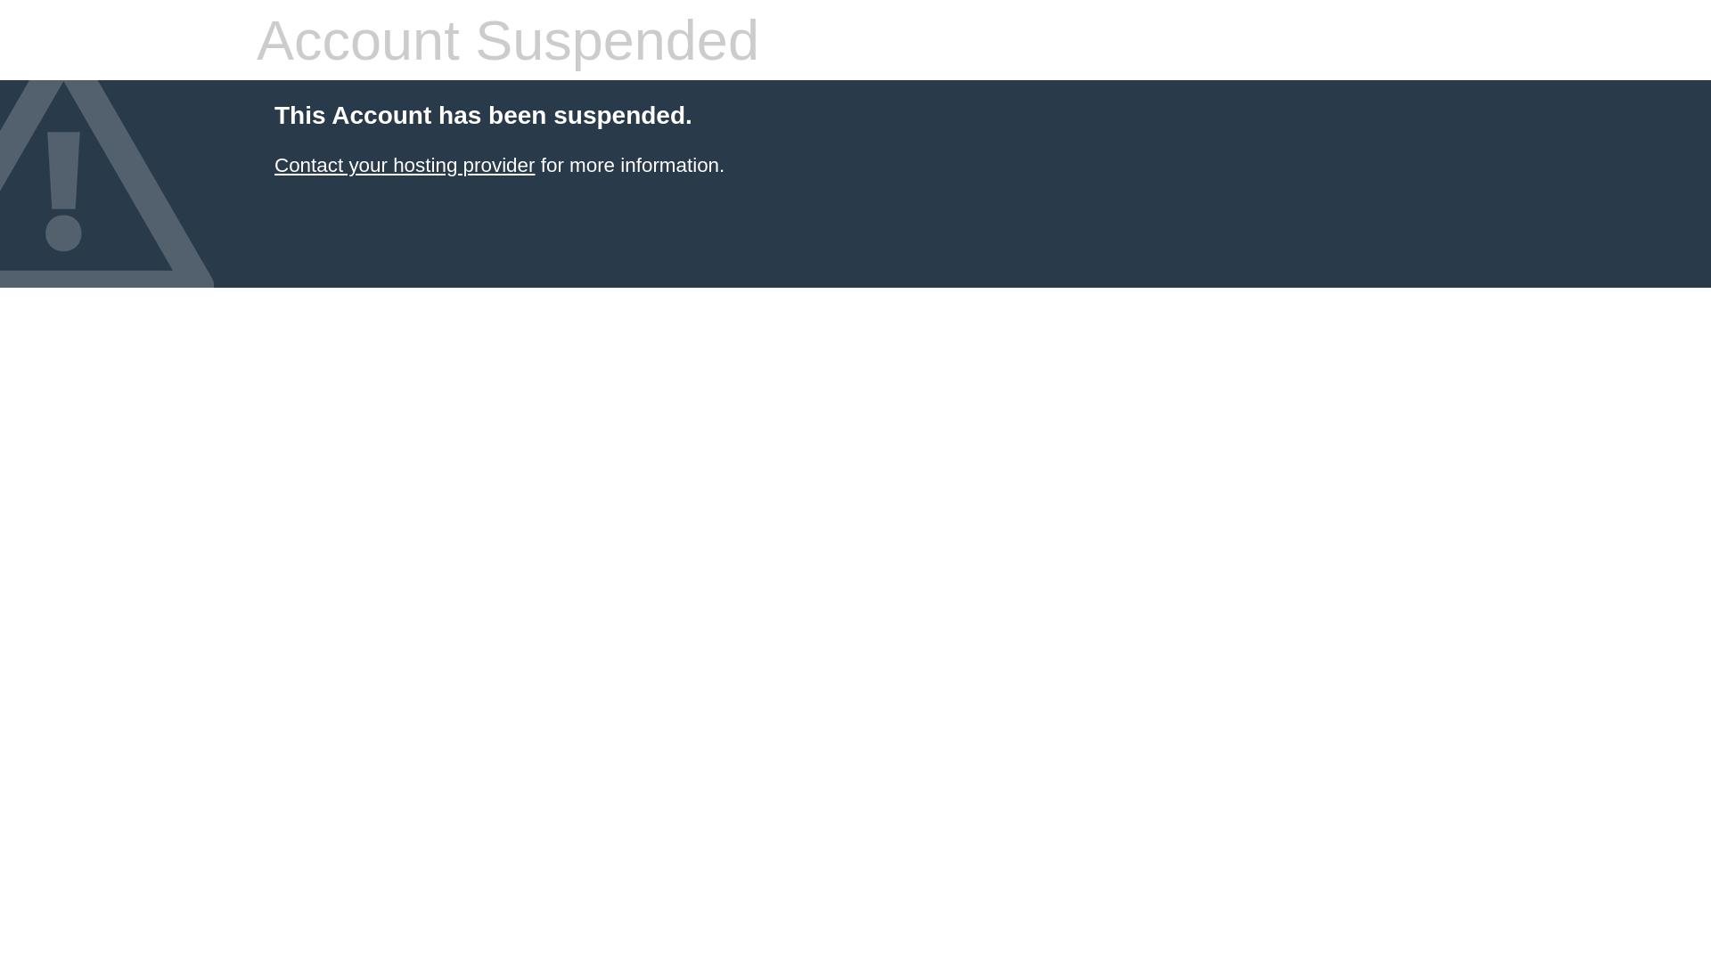 The image size is (1711, 962). Describe the element at coordinates (404, 165) in the screenshot. I see `'Contact your hosting provider'` at that location.